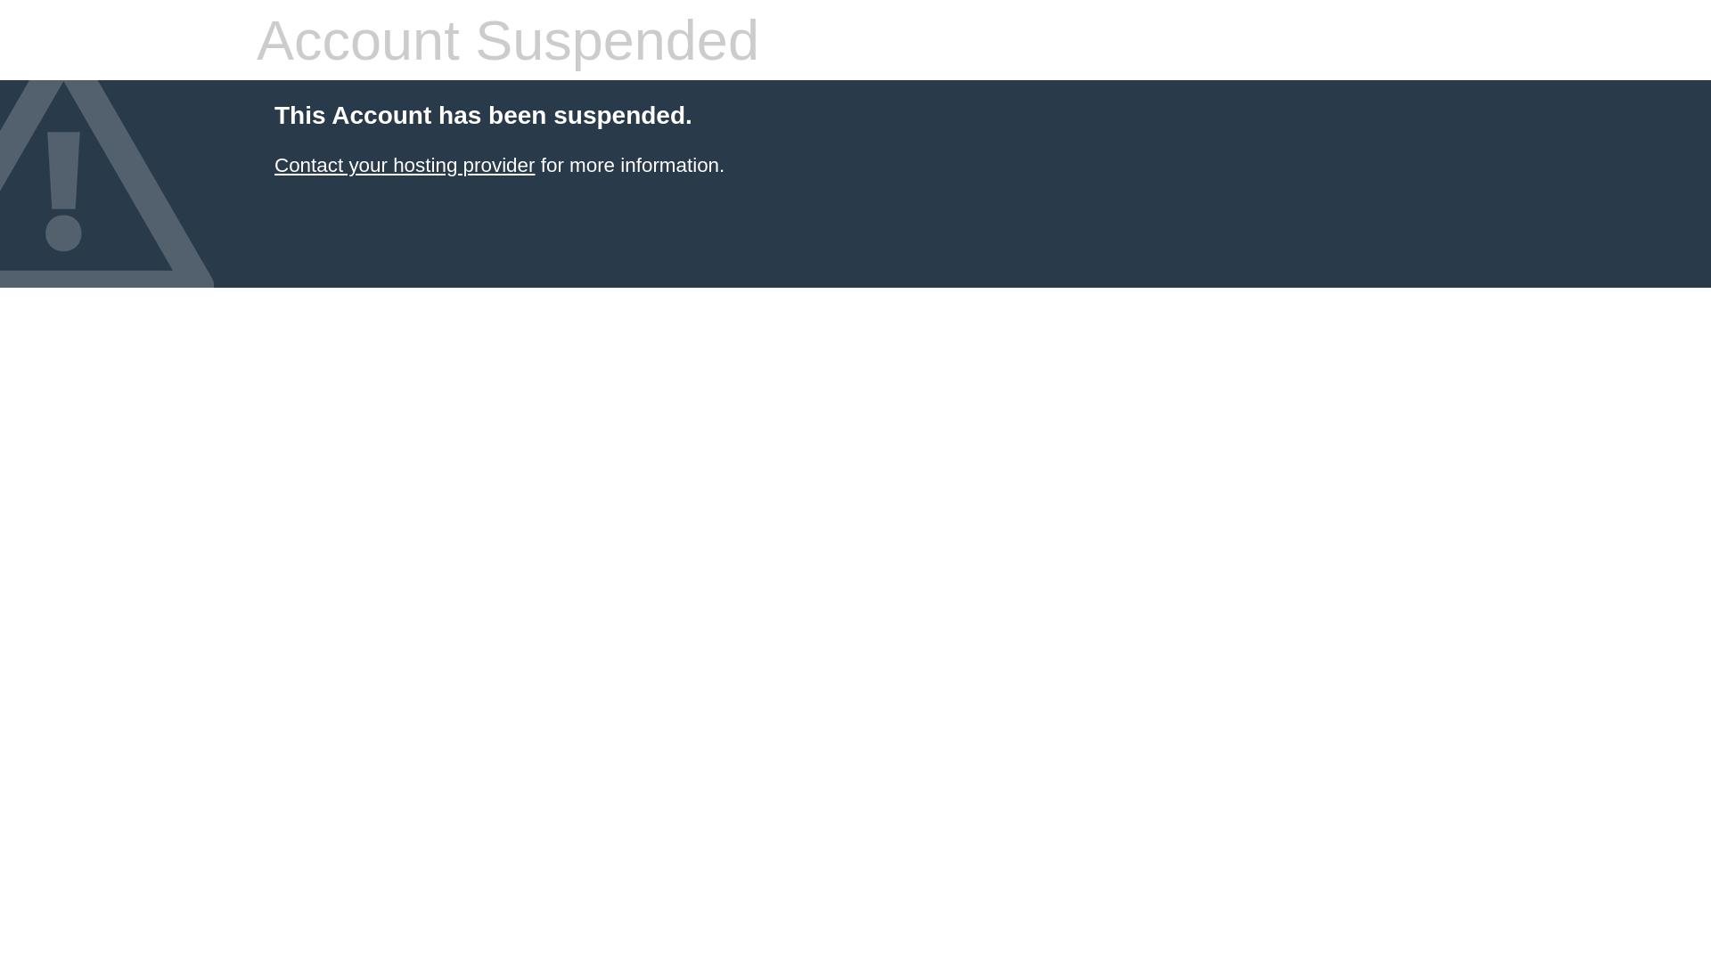 The image size is (1711, 962). Describe the element at coordinates (404, 165) in the screenshot. I see `'Contact your hosting provider'` at that location.